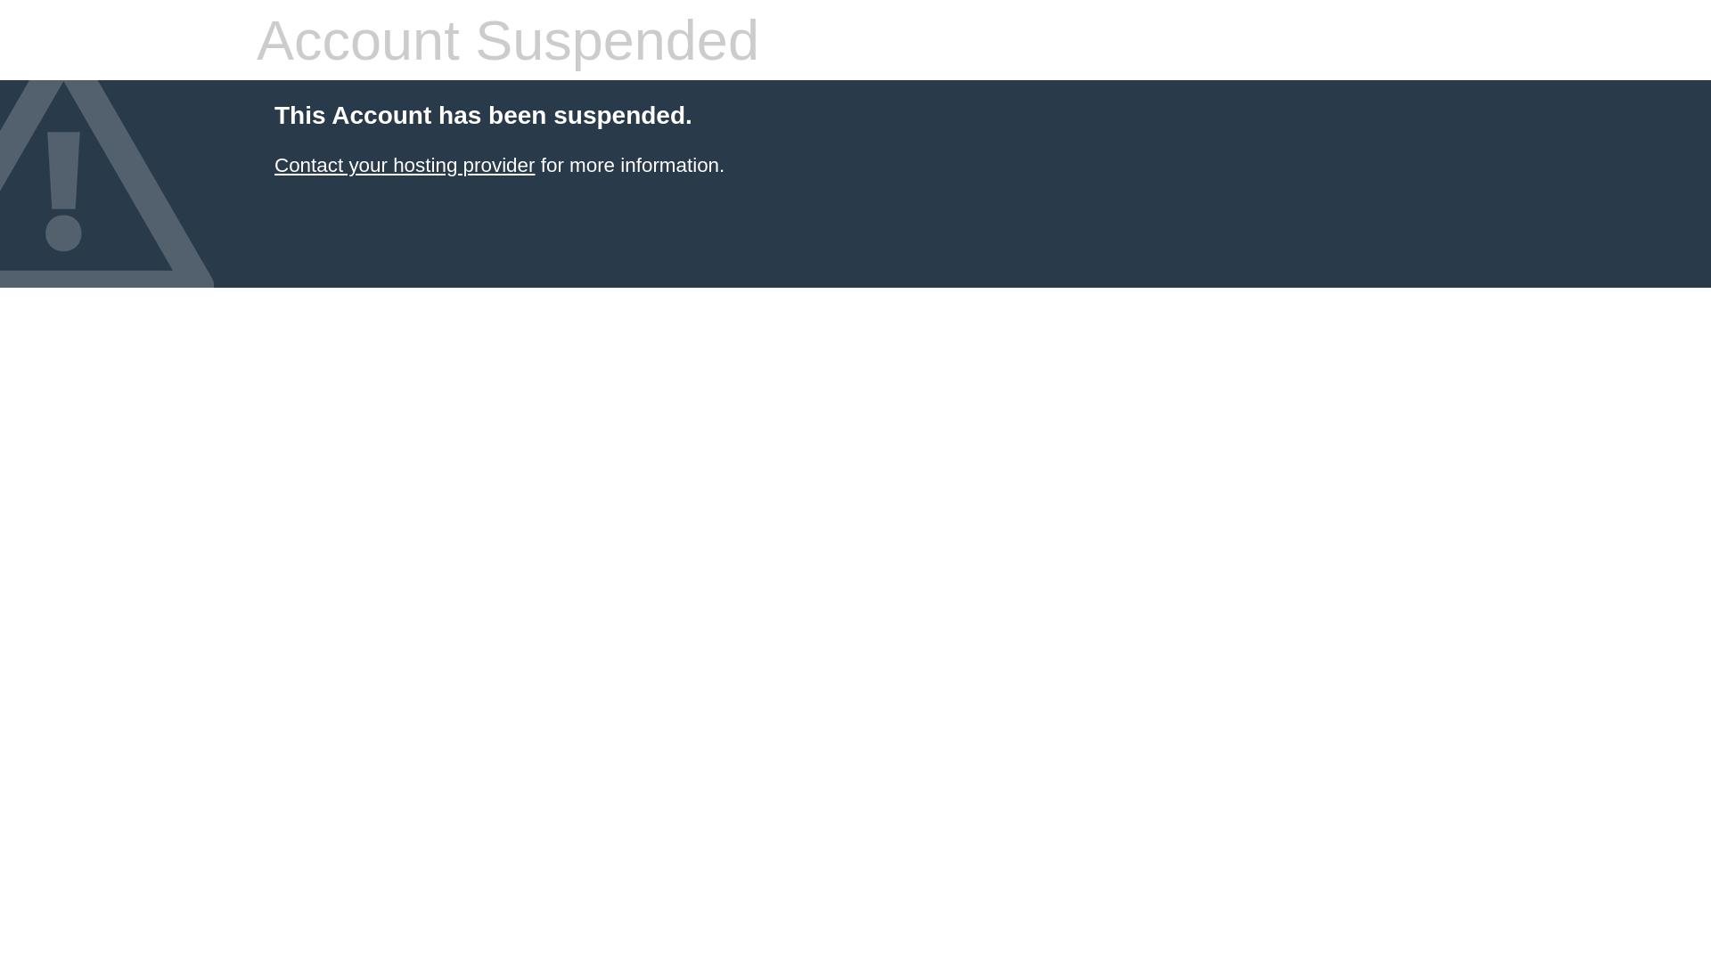 The image size is (1711, 962). Describe the element at coordinates (404, 165) in the screenshot. I see `'Contact your hosting provider'` at that location.